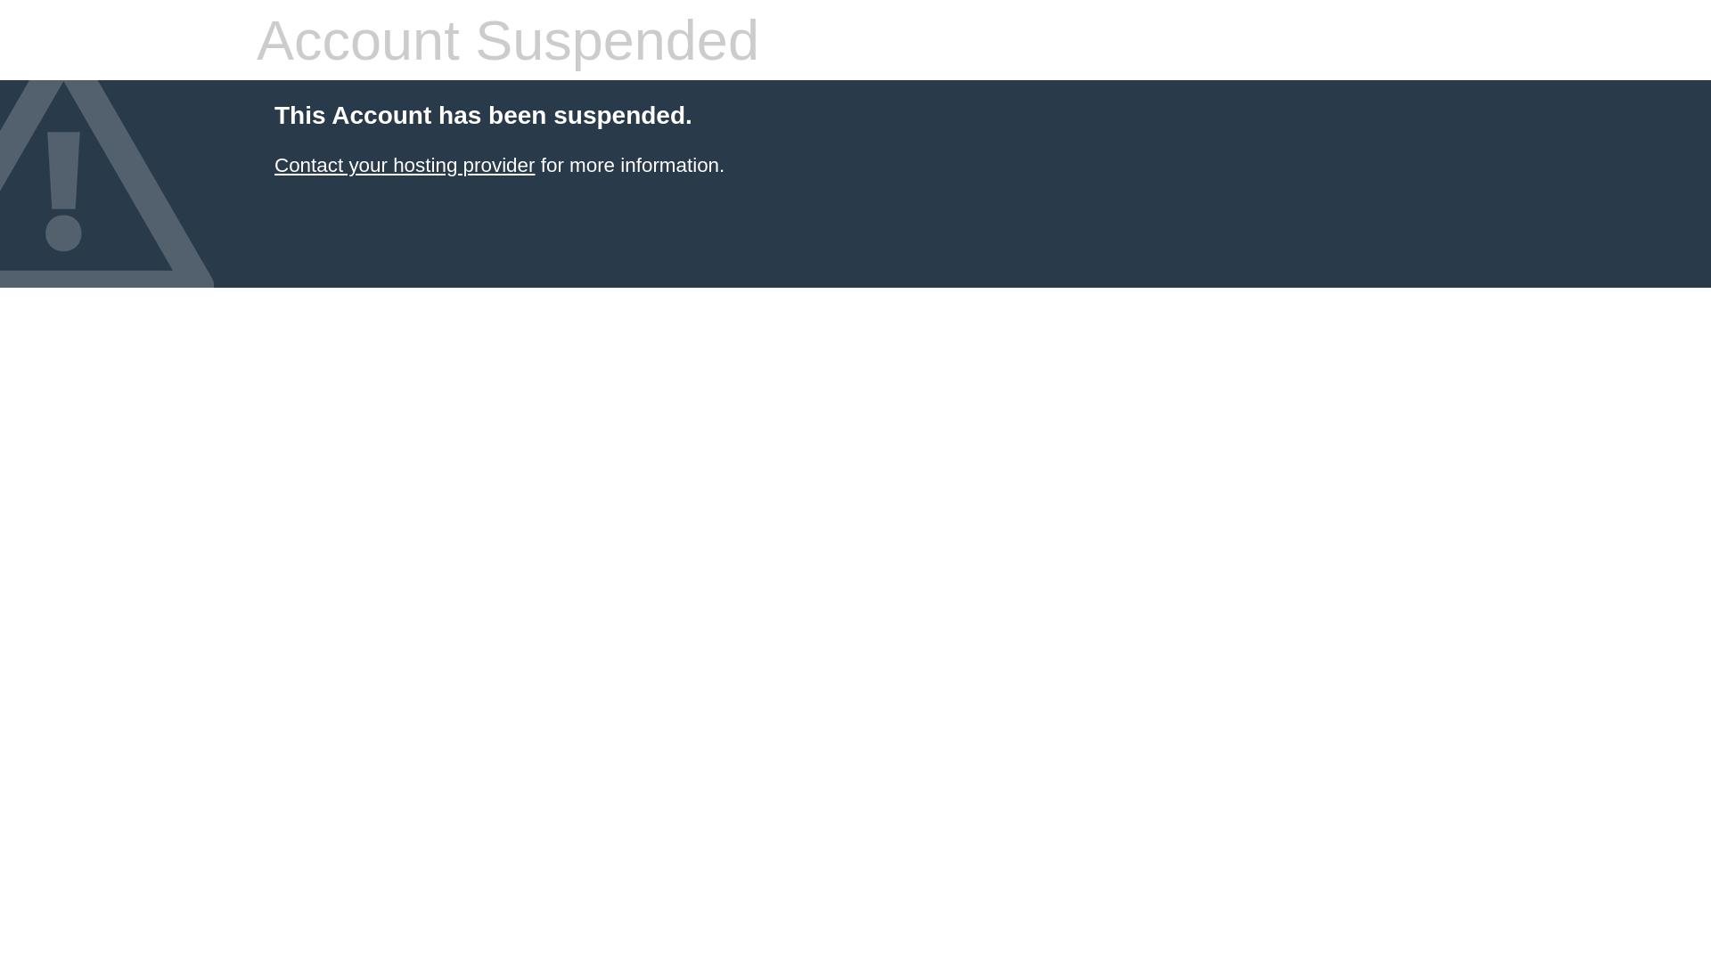 The image size is (1711, 962). Describe the element at coordinates (404, 165) in the screenshot. I see `'Contact your hosting provider'` at that location.